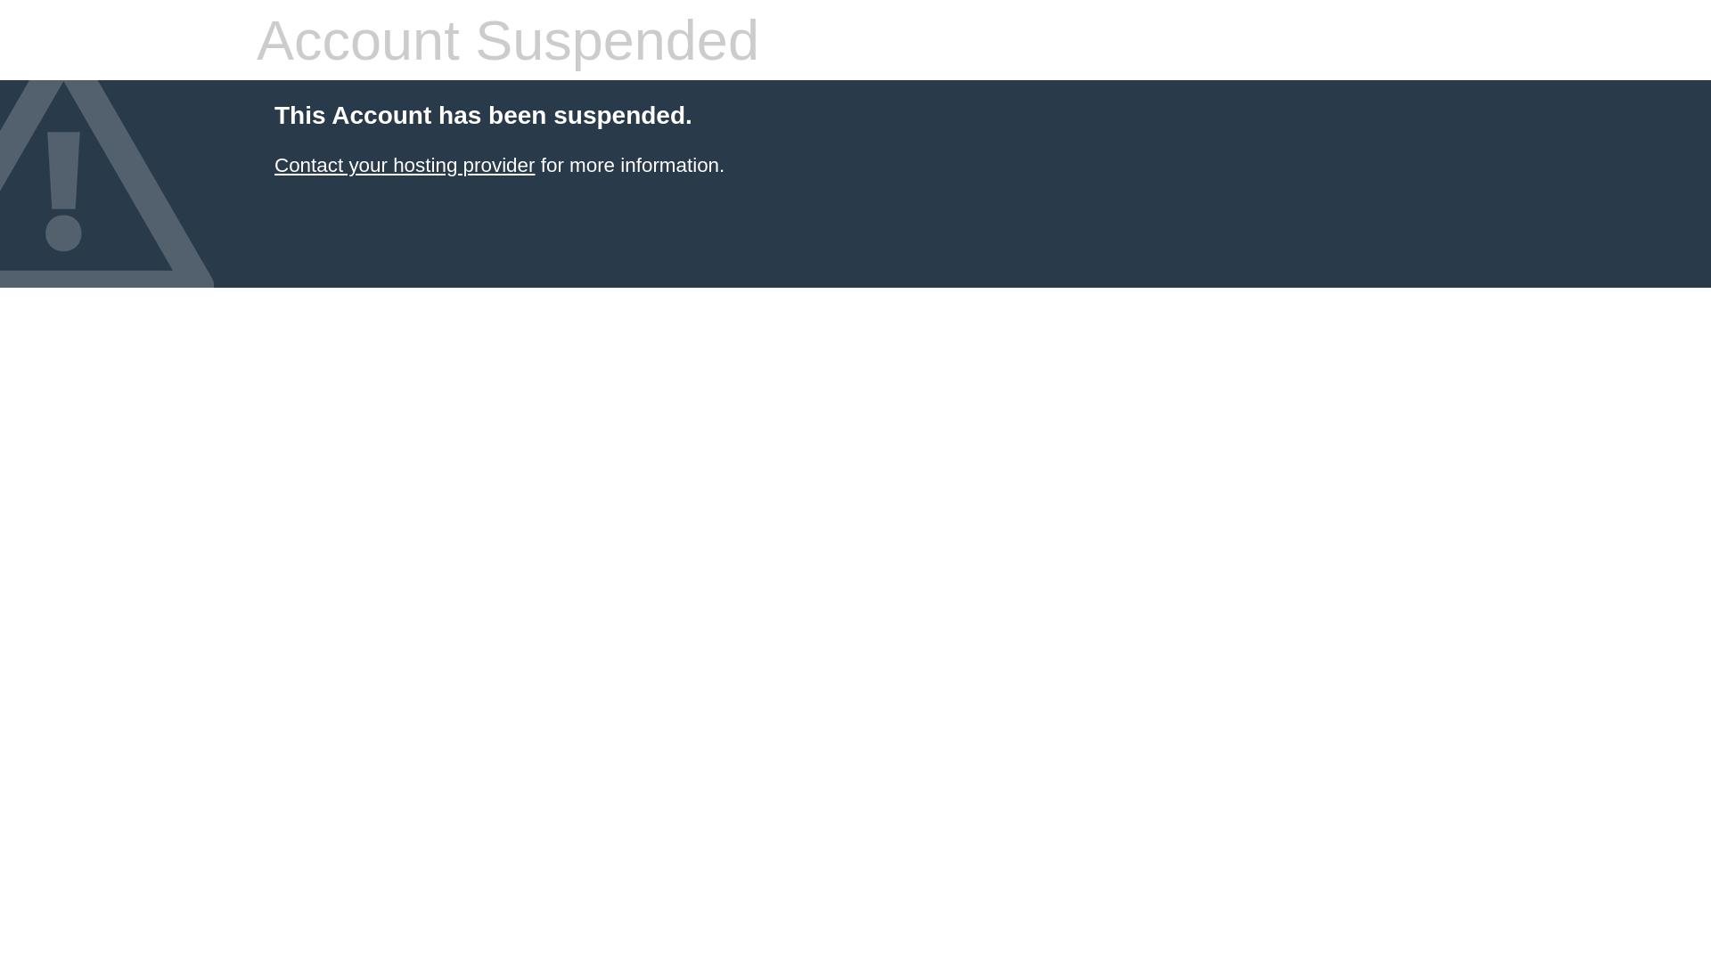 The image size is (1711, 962). Describe the element at coordinates (404, 165) in the screenshot. I see `'Contact your hosting provider'` at that location.